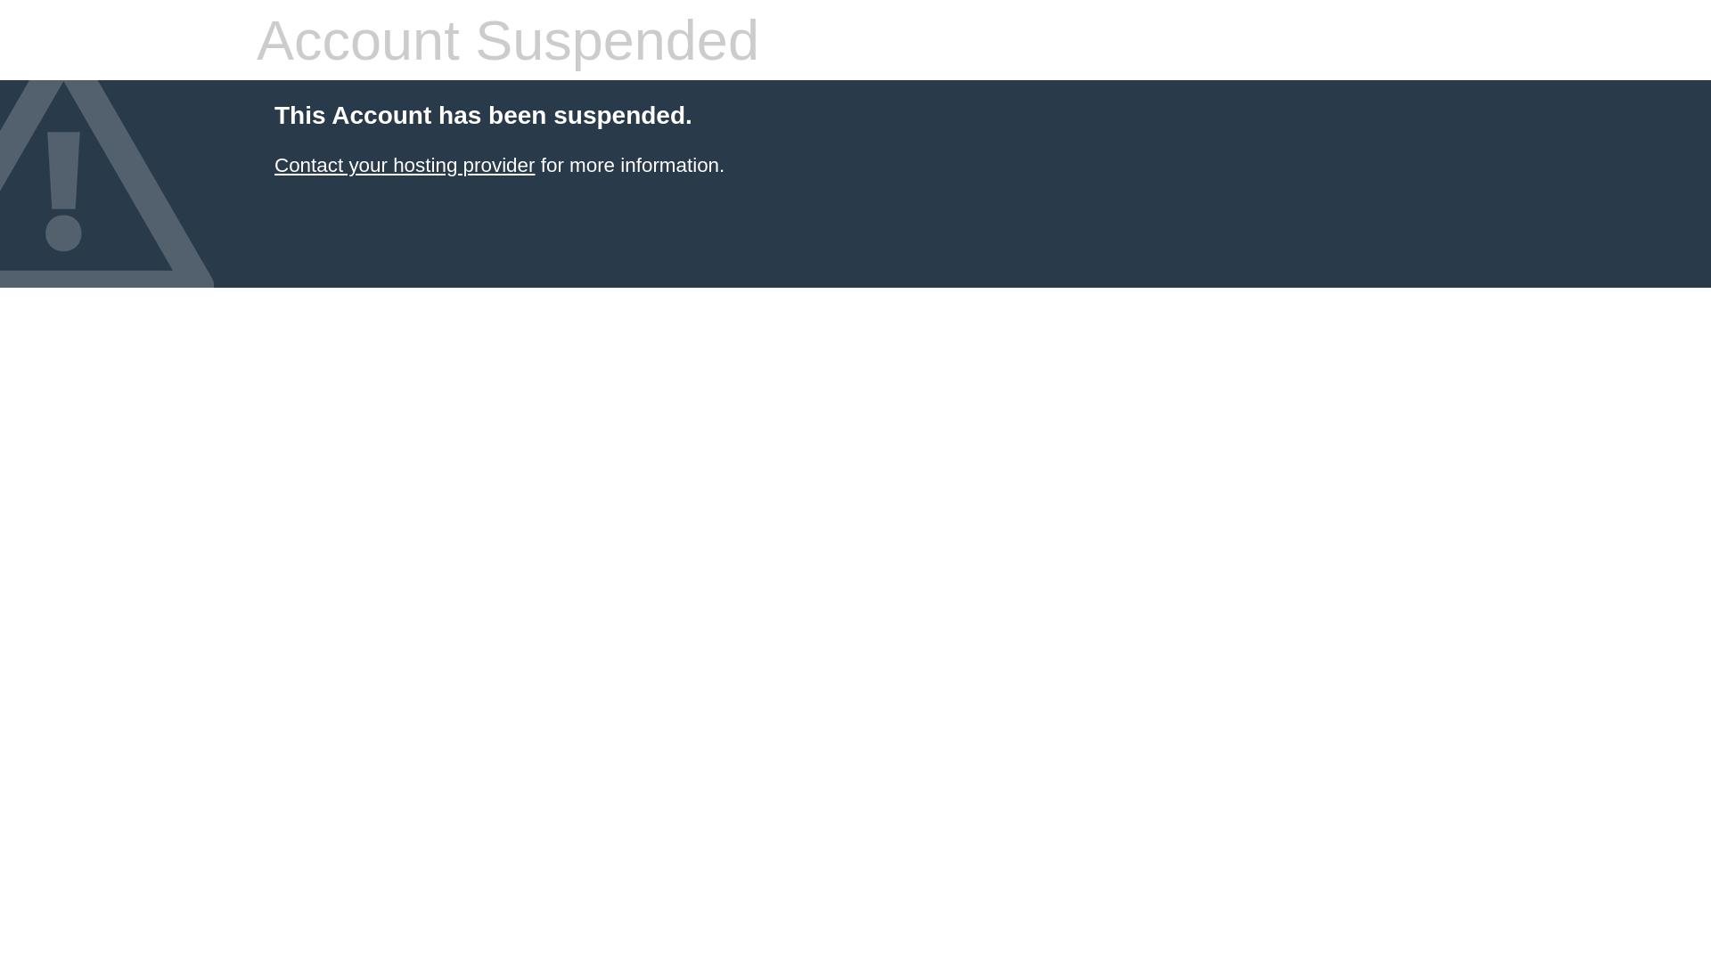 The image size is (1711, 962). Describe the element at coordinates (404, 165) in the screenshot. I see `'Contact your hosting provider'` at that location.